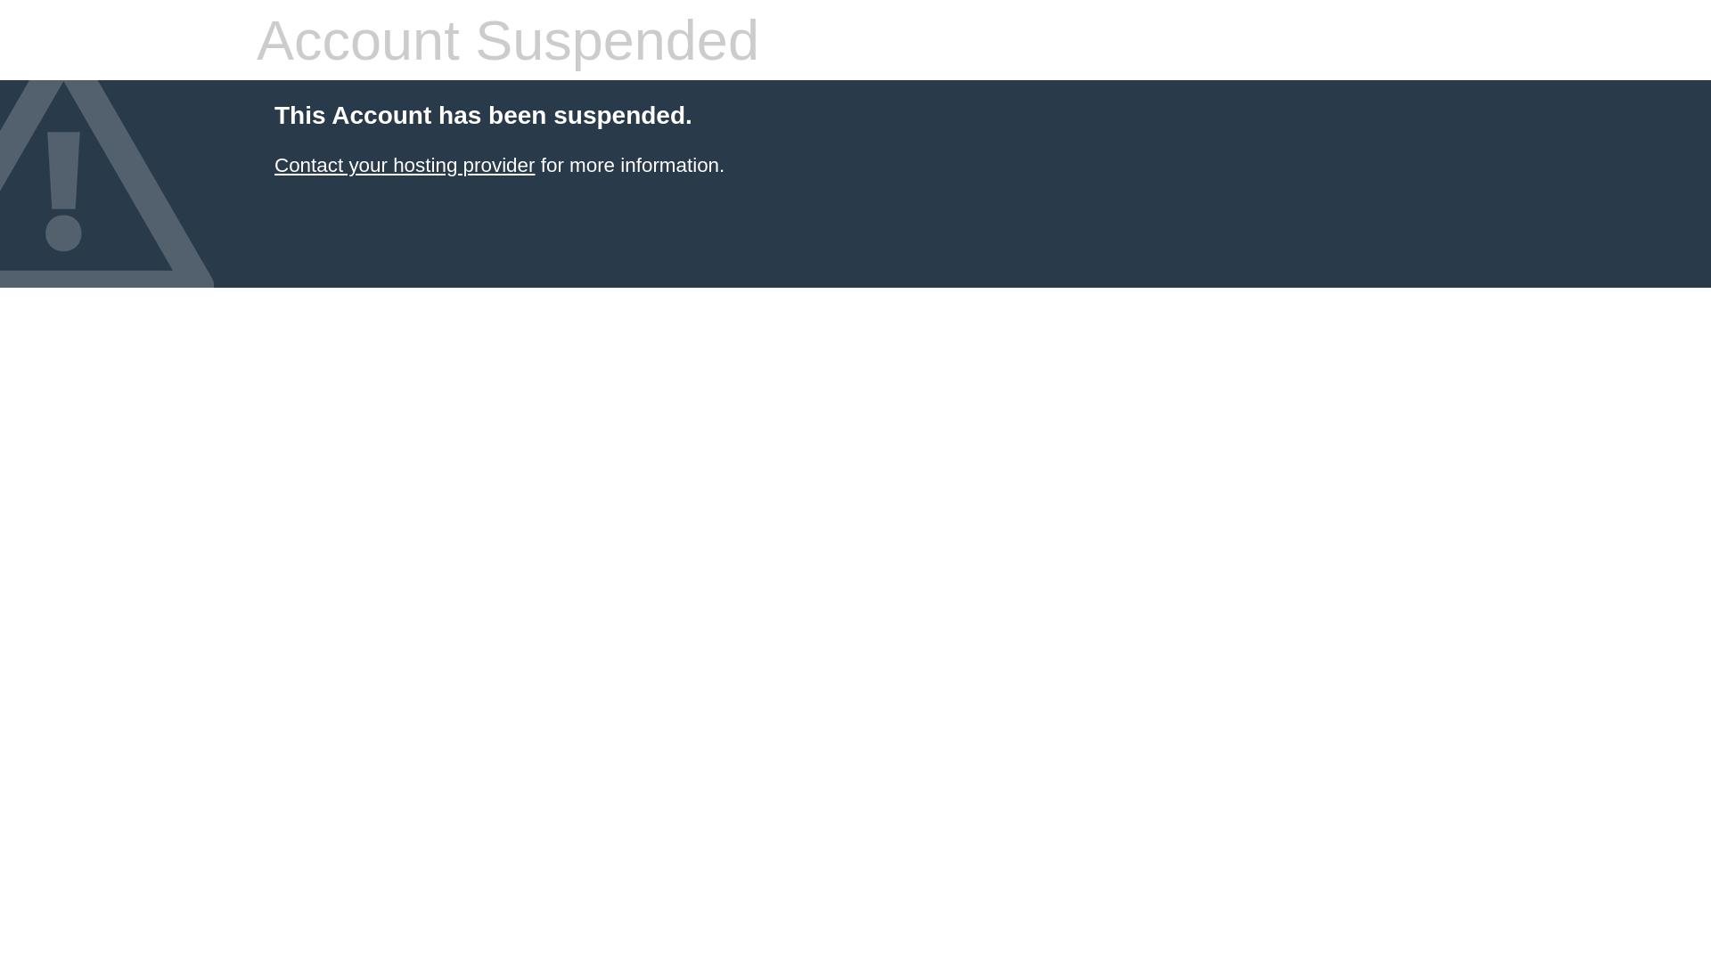 The image size is (1711, 962). Describe the element at coordinates (404, 165) in the screenshot. I see `'Contact your hosting provider'` at that location.